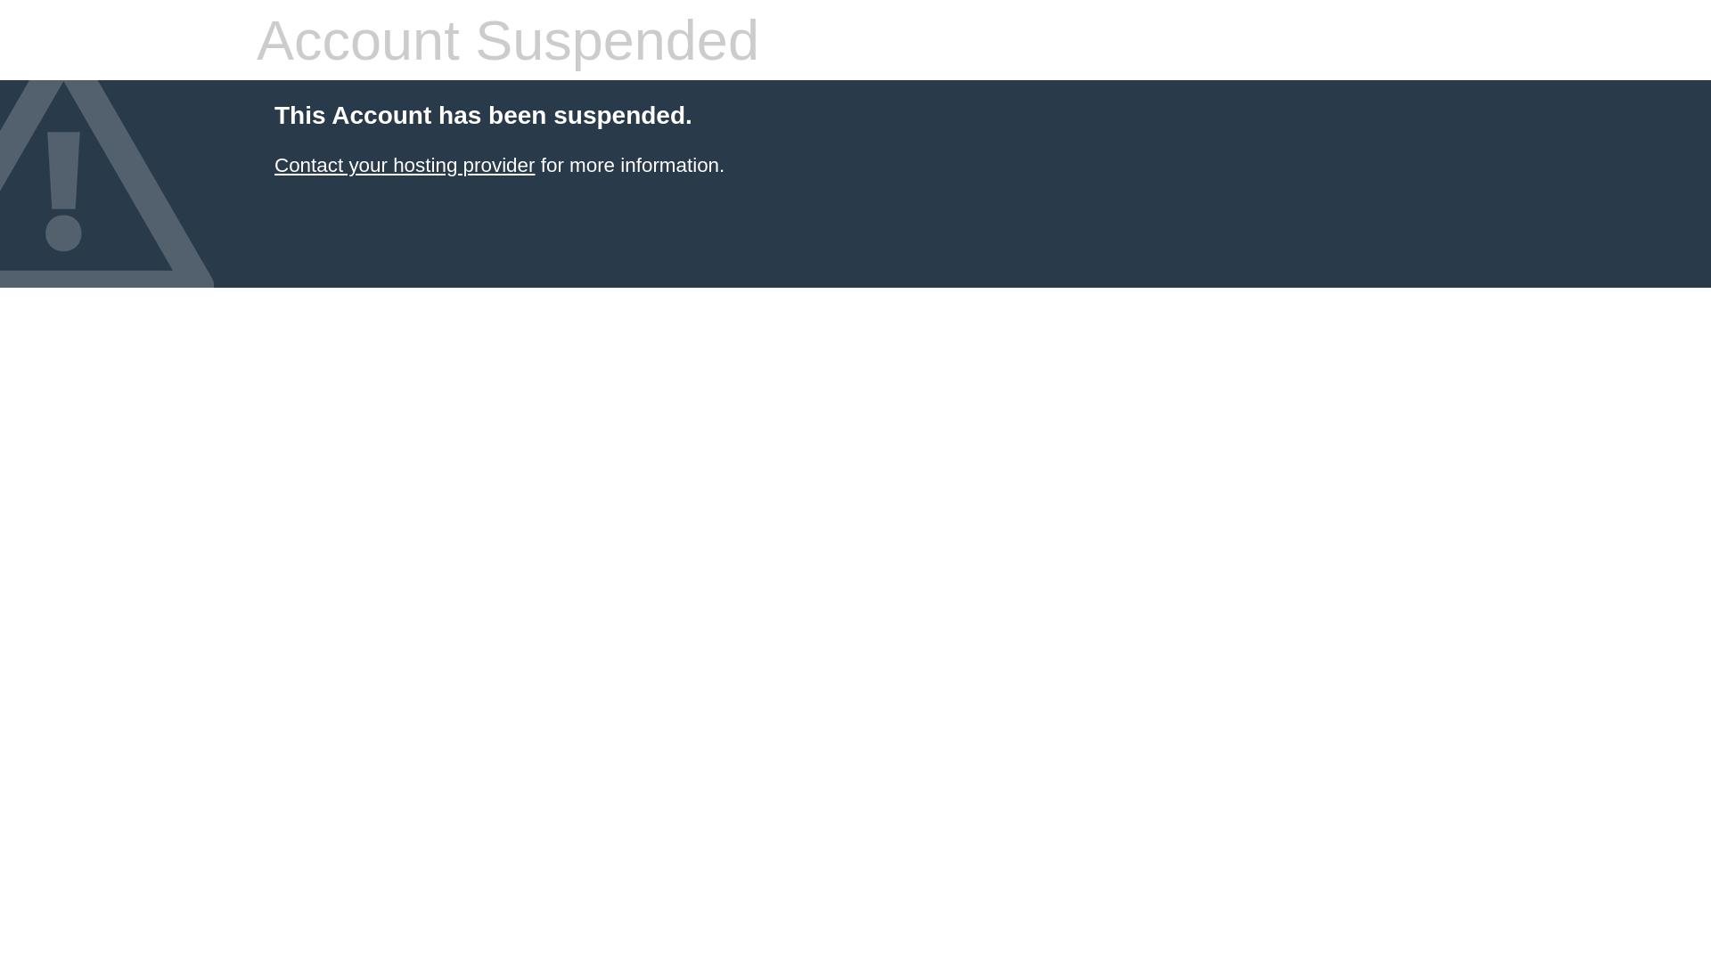 The image size is (1711, 962). Describe the element at coordinates (404, 165) in the screenshot. I see `'Contact your hosting provider'` at that location.